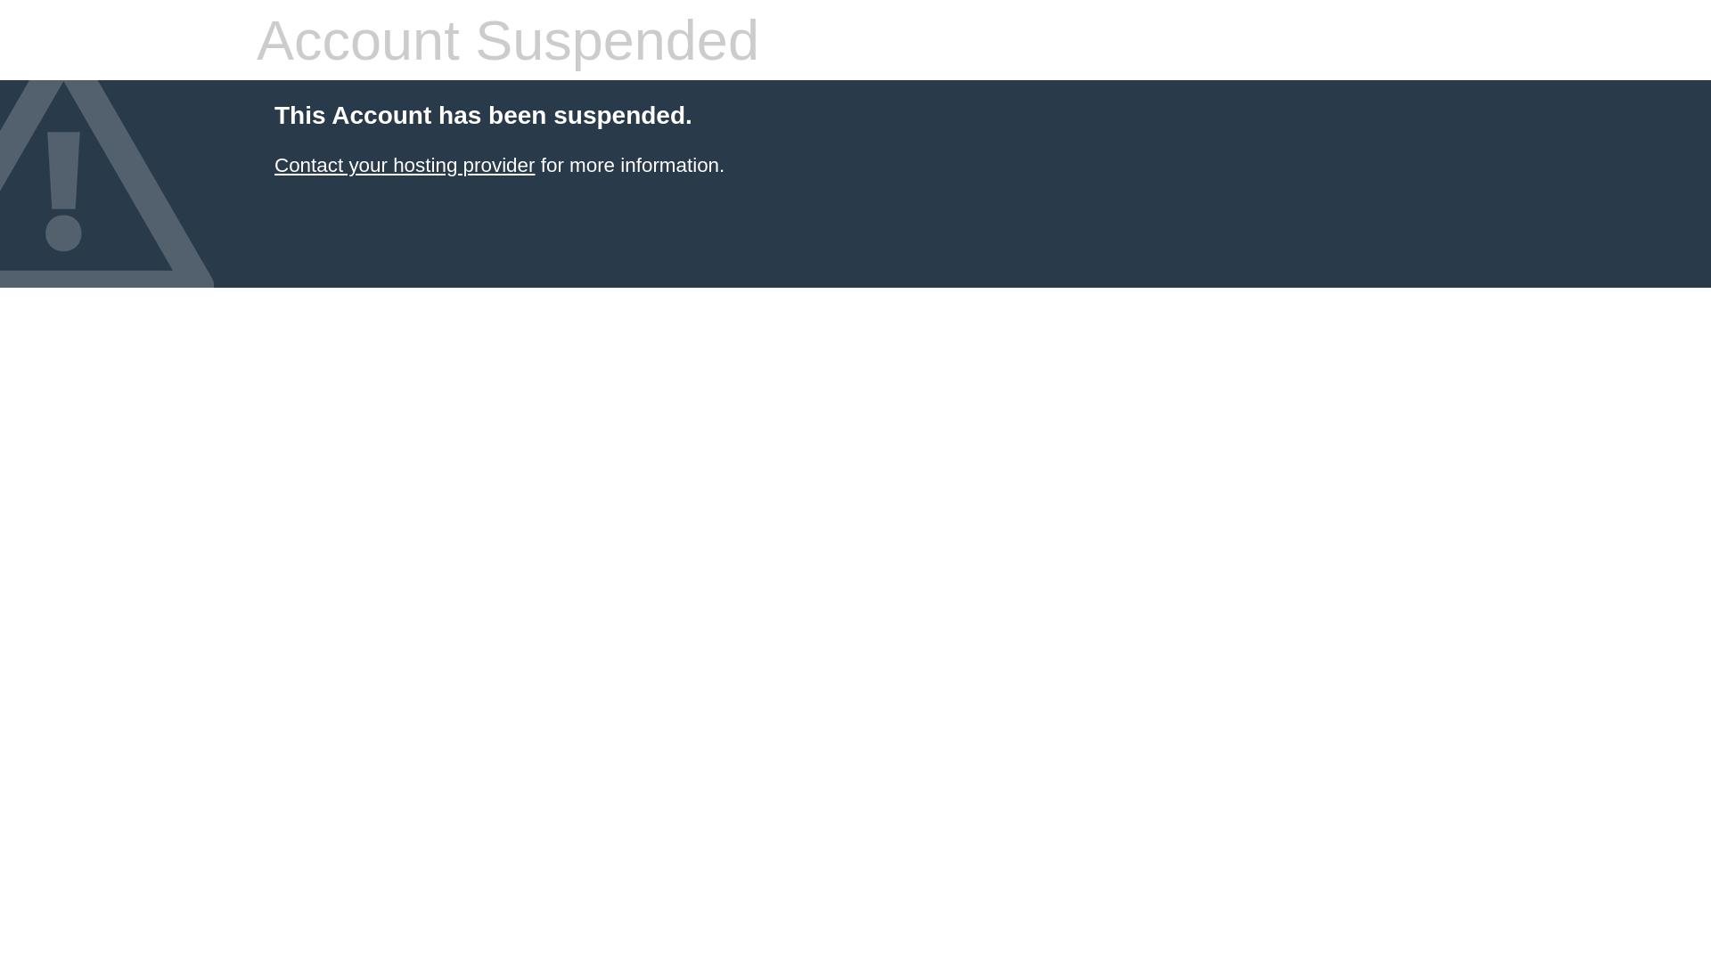 The image size is (1711, 962). Describe the element at coordinates (404, 165) in the screenshot. I see `'Contact your hosting provider'` at that location.